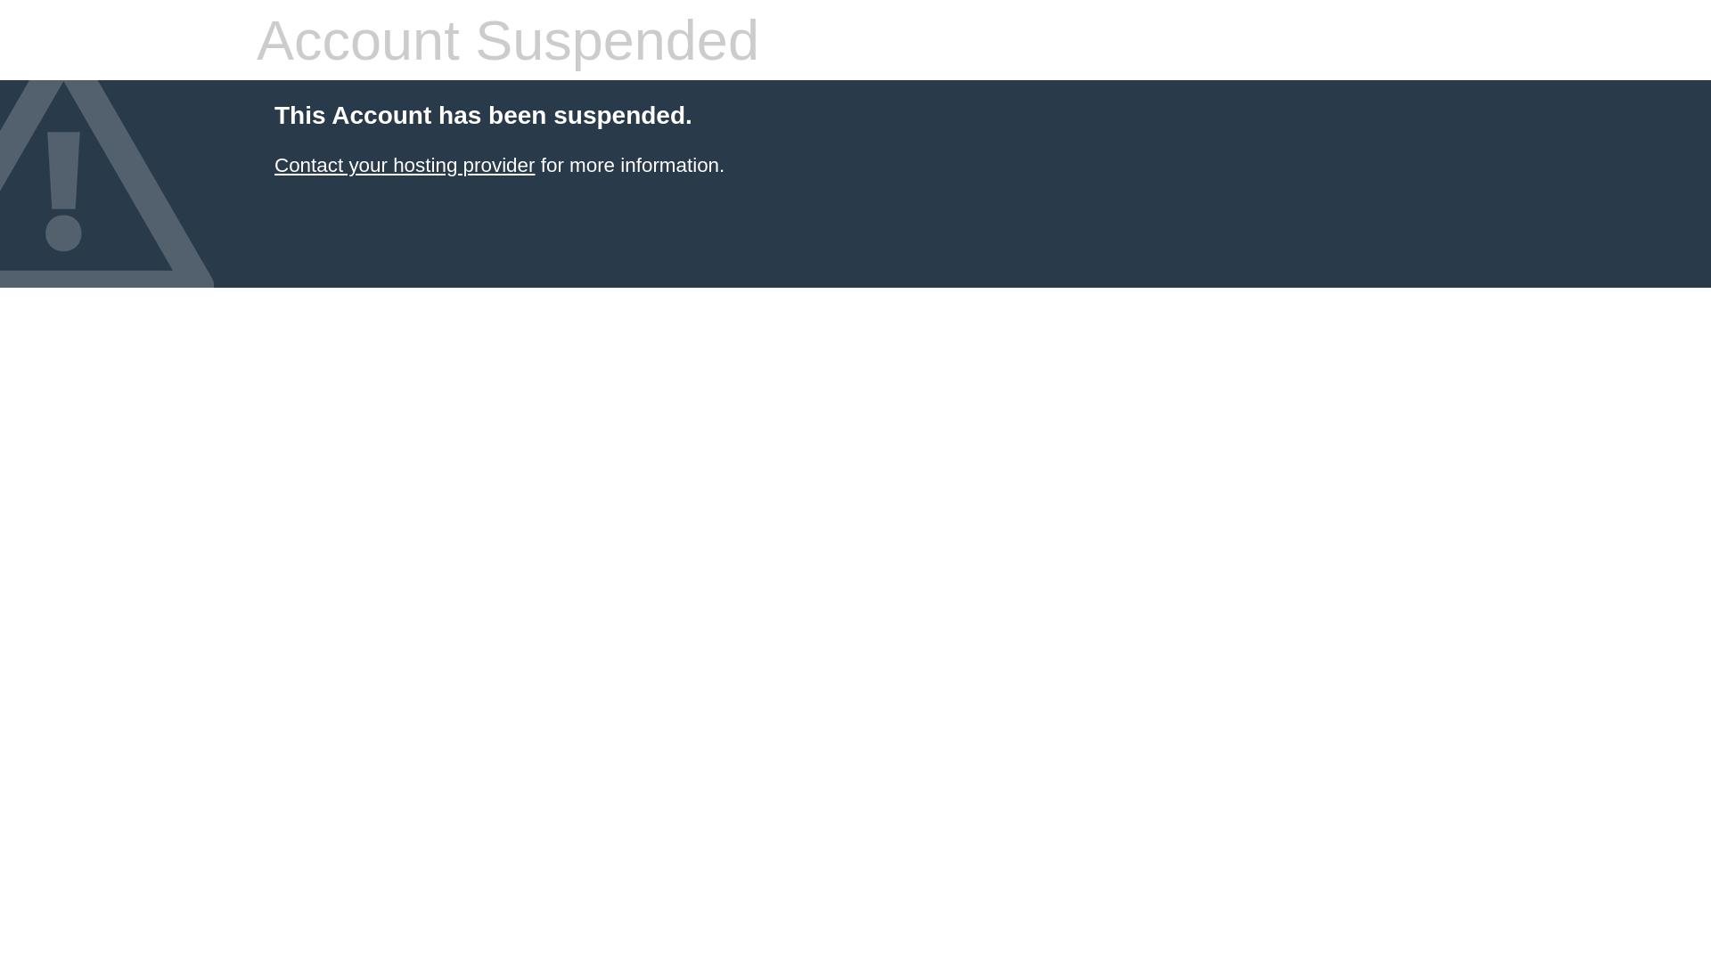 The image size is (1711, 962). Describe the element at coordinates (404, 165) in the screenshot. I see `'Contact your hosting provider'` at that location.